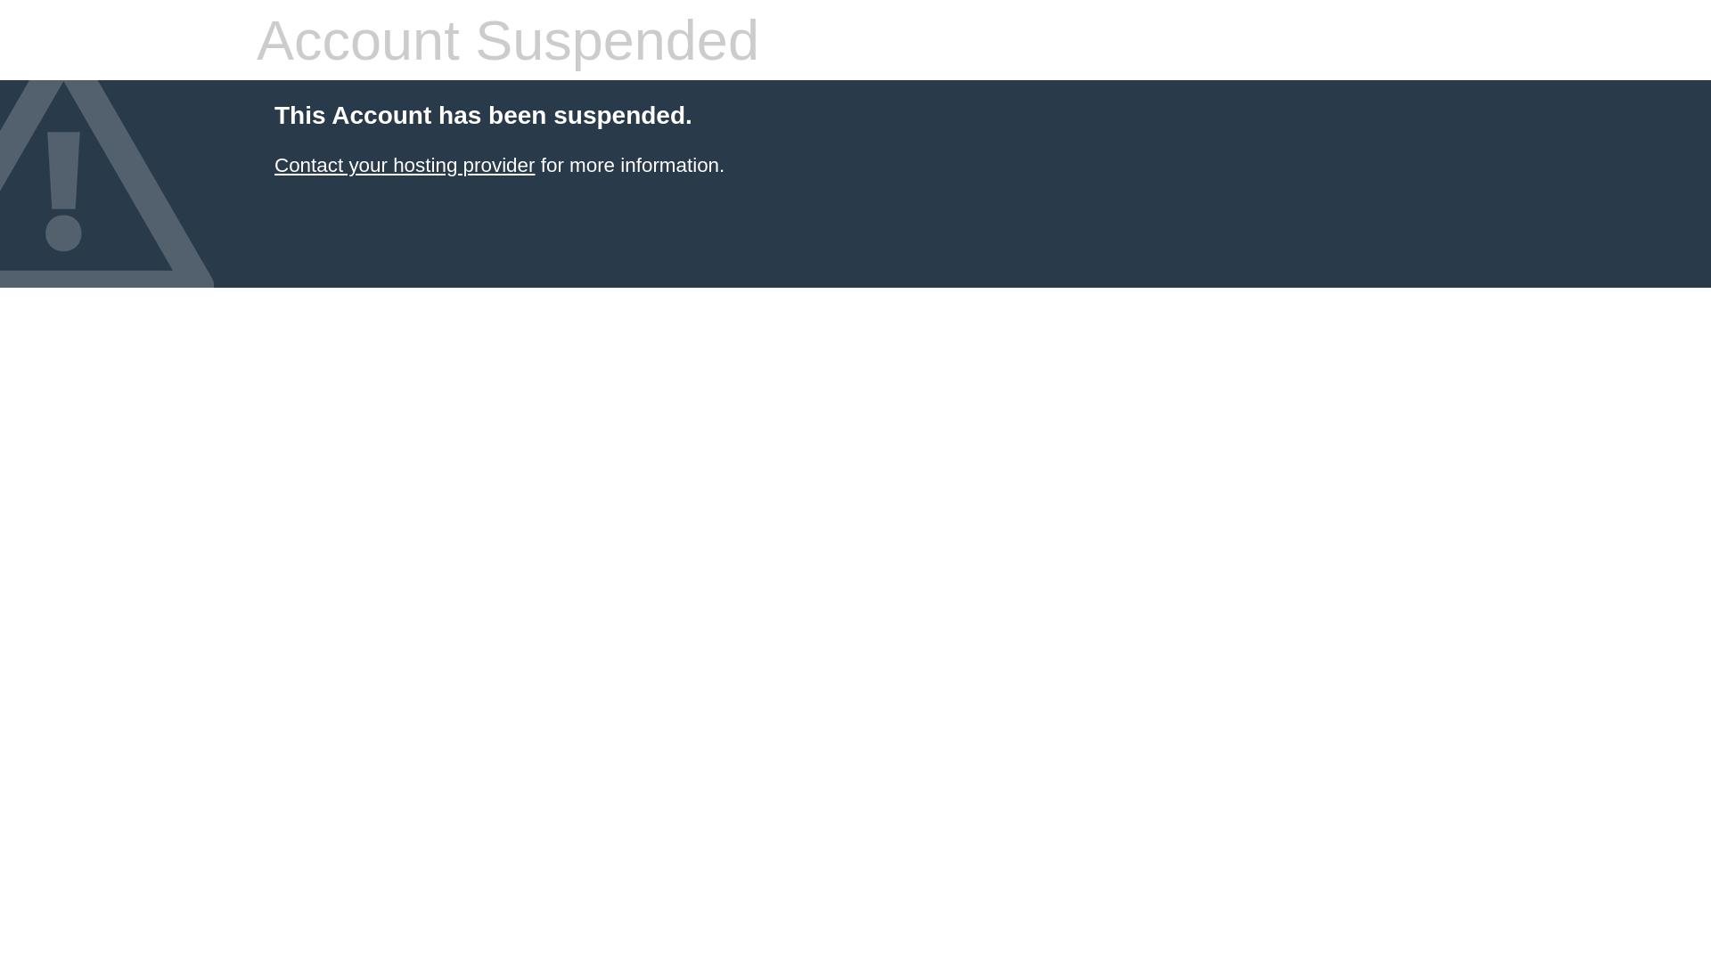 The image size is (1711, 962). Describe the element at coordinates (404, 165) in the screenshot. I see `'Contact your hosting provider'` at that location.